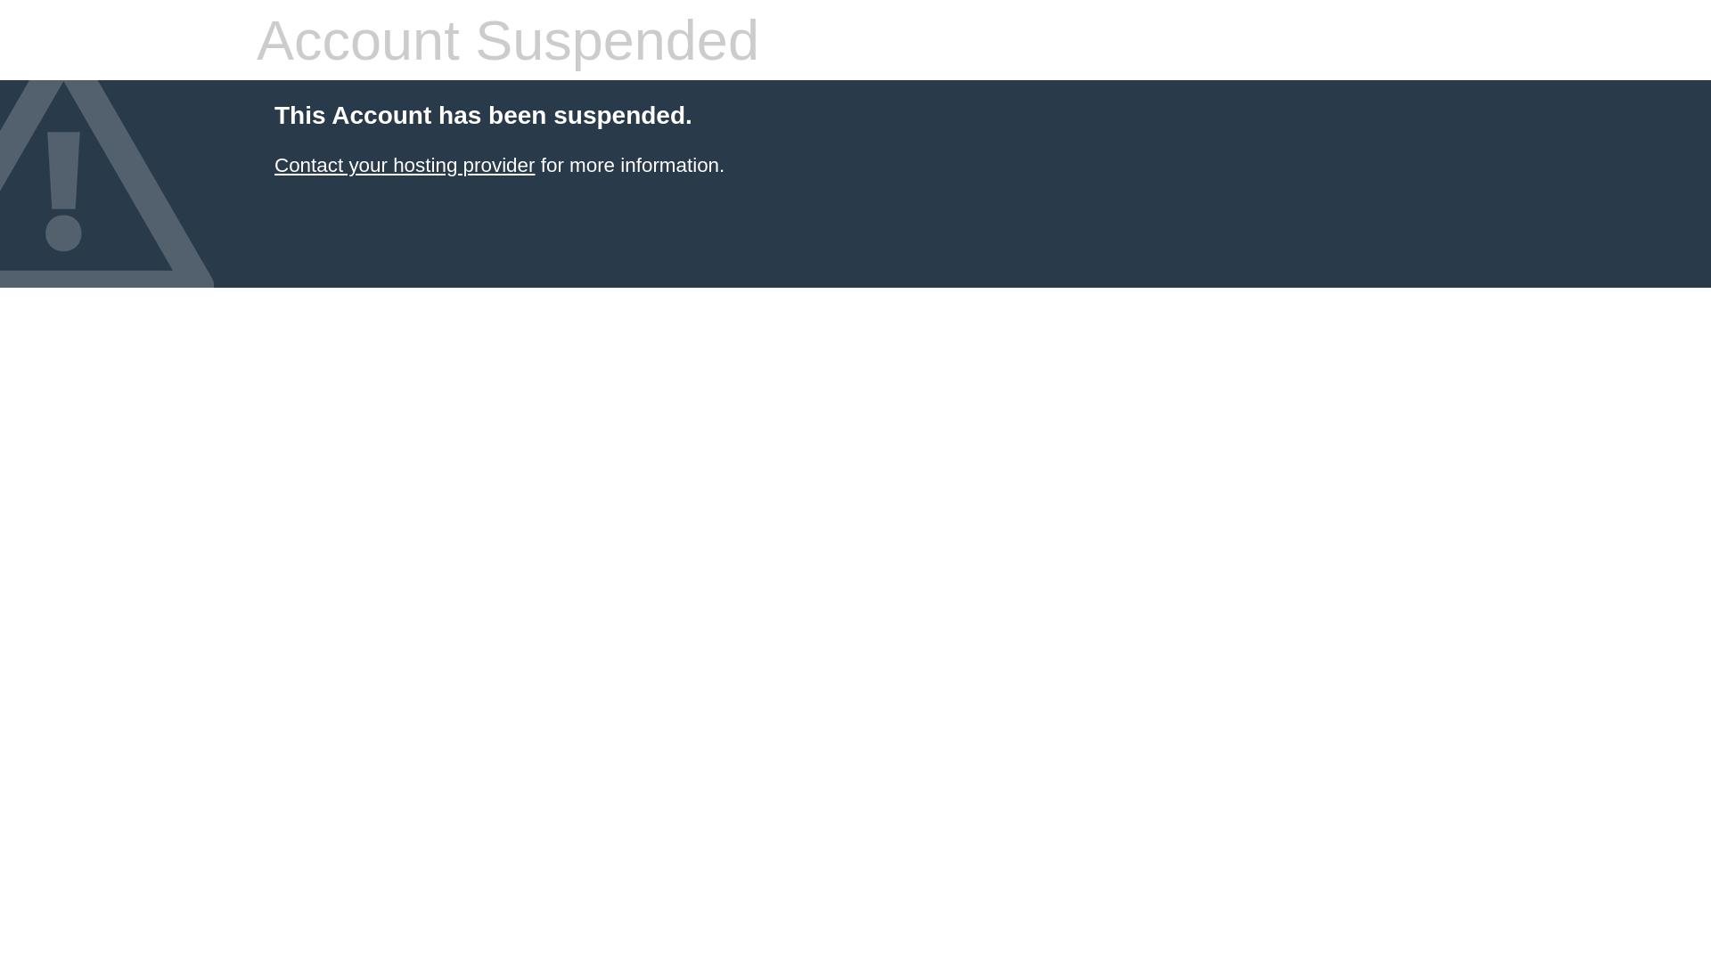 The image size is (1711, 962). Describe the element at coordinates (404, 165) in the screenshot. I see `'Contact your hosting provider'` at that location.